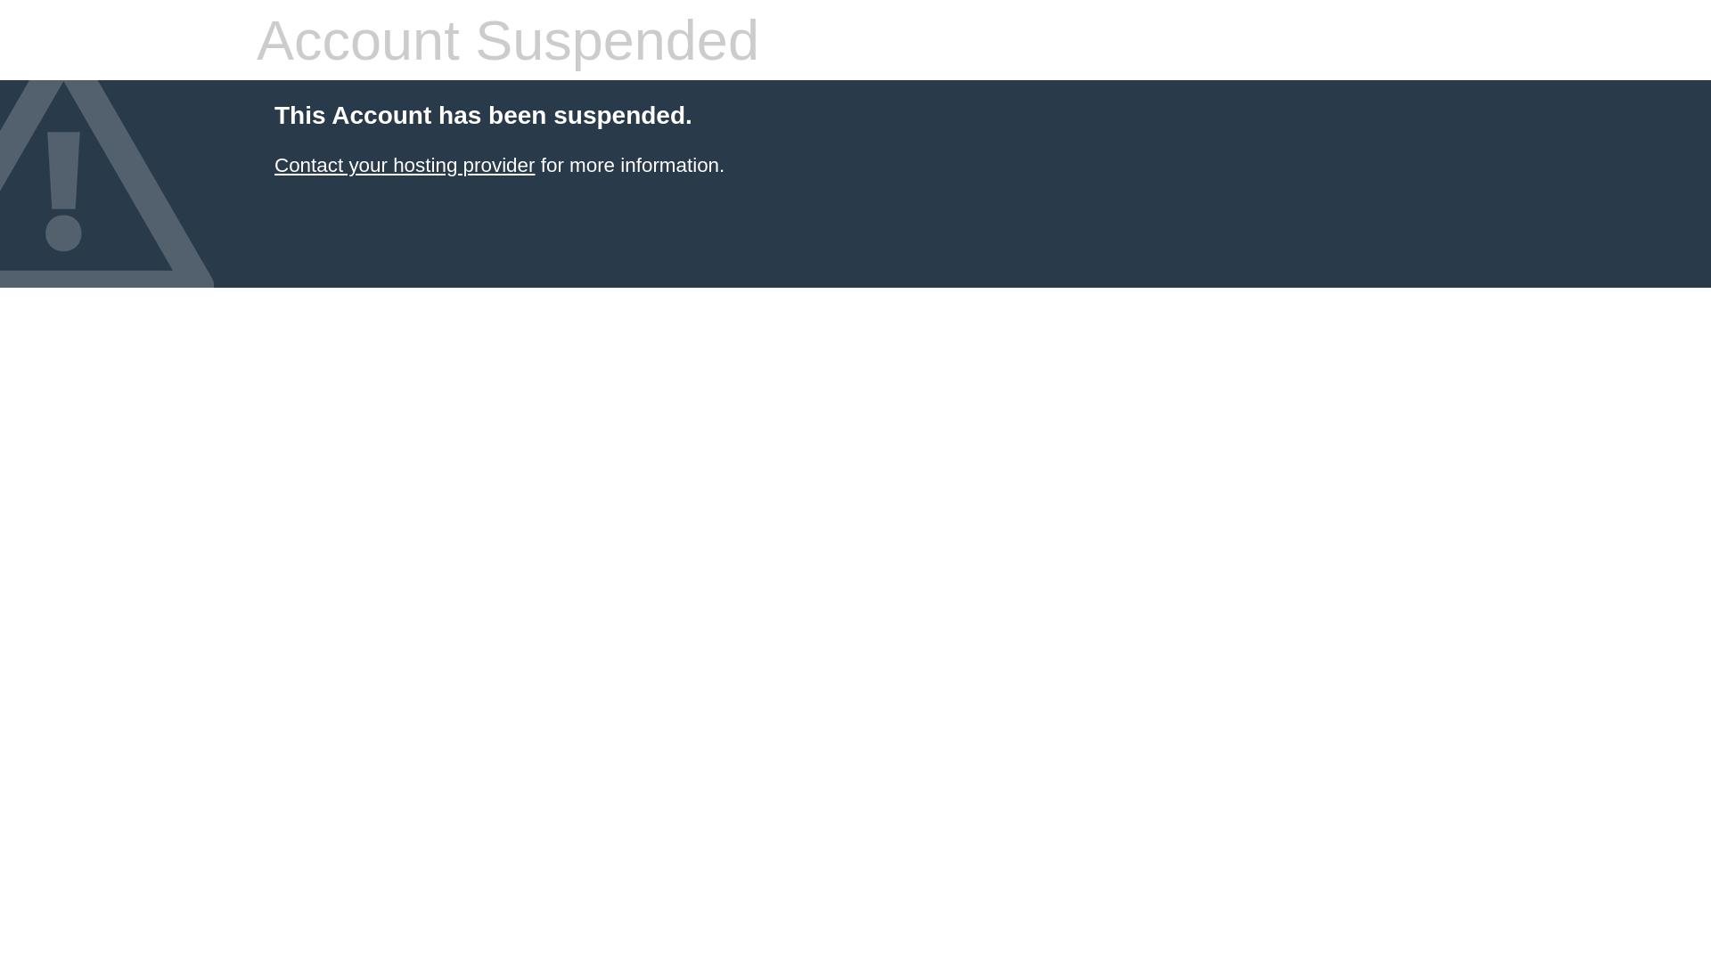 The image size is (1711, 962). Describe the element at coordinates (404, 165) in the screenshot. I see `'Contact your hosting provider'` at that location.